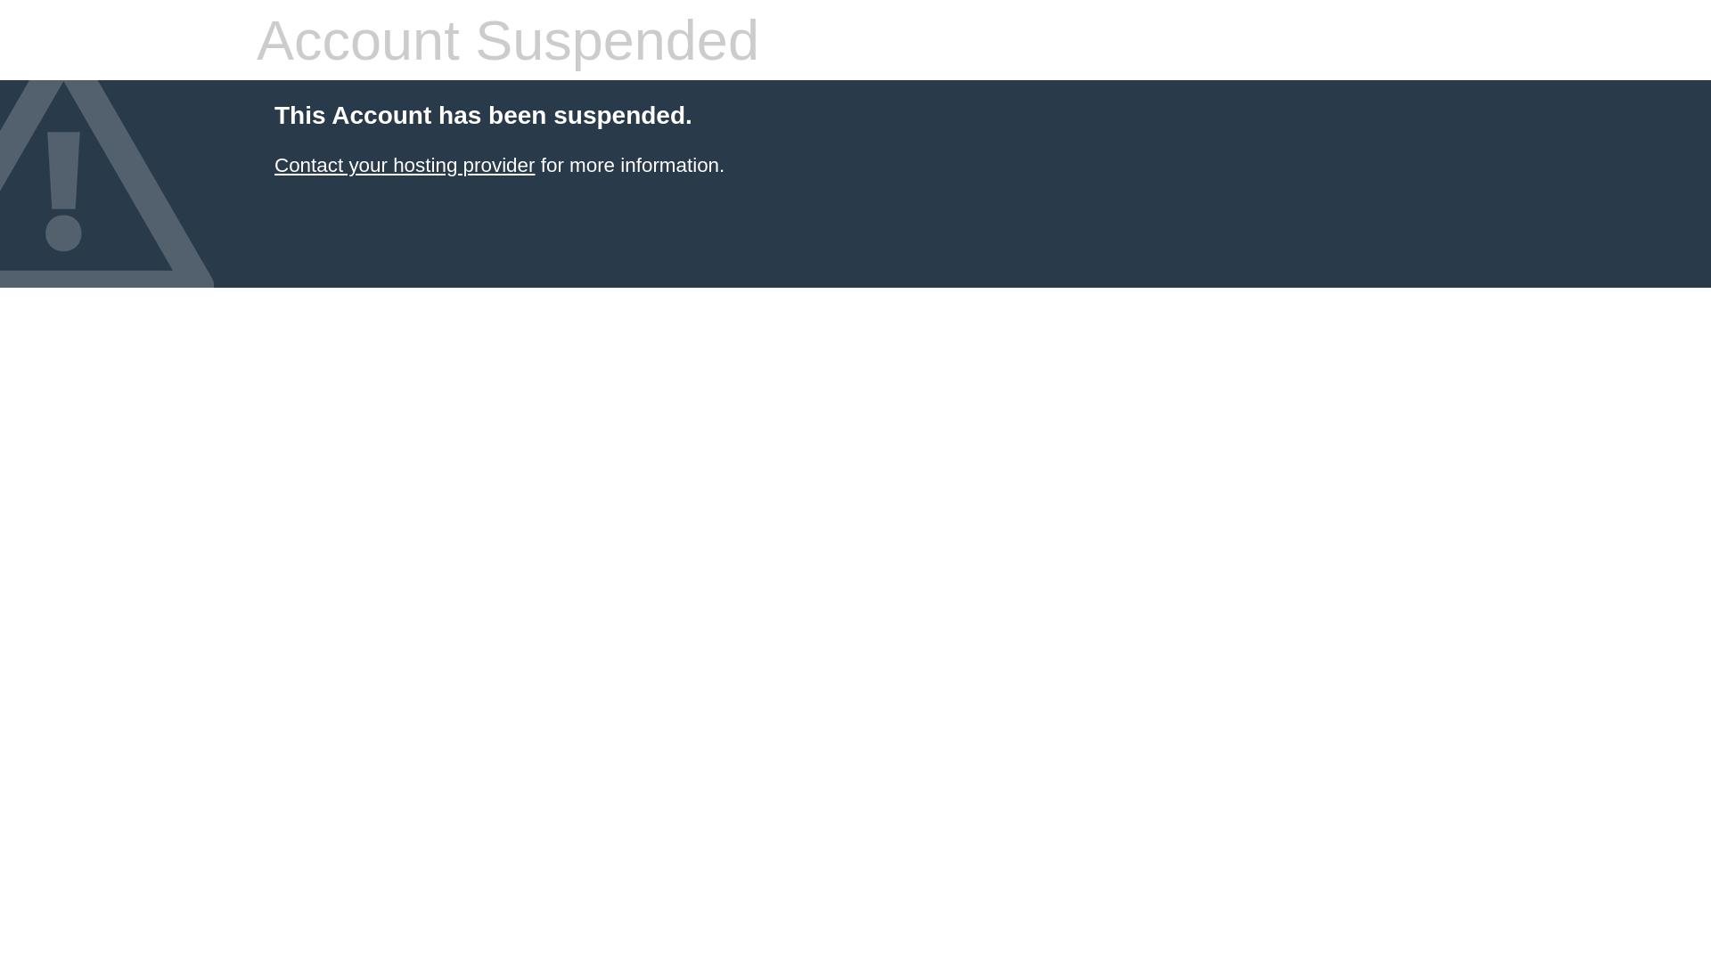 The image size is (1711, 962). Describe the element at coordinates (404, 165) in the screenshot. I see `'Contact your hosting provider'` at that location.